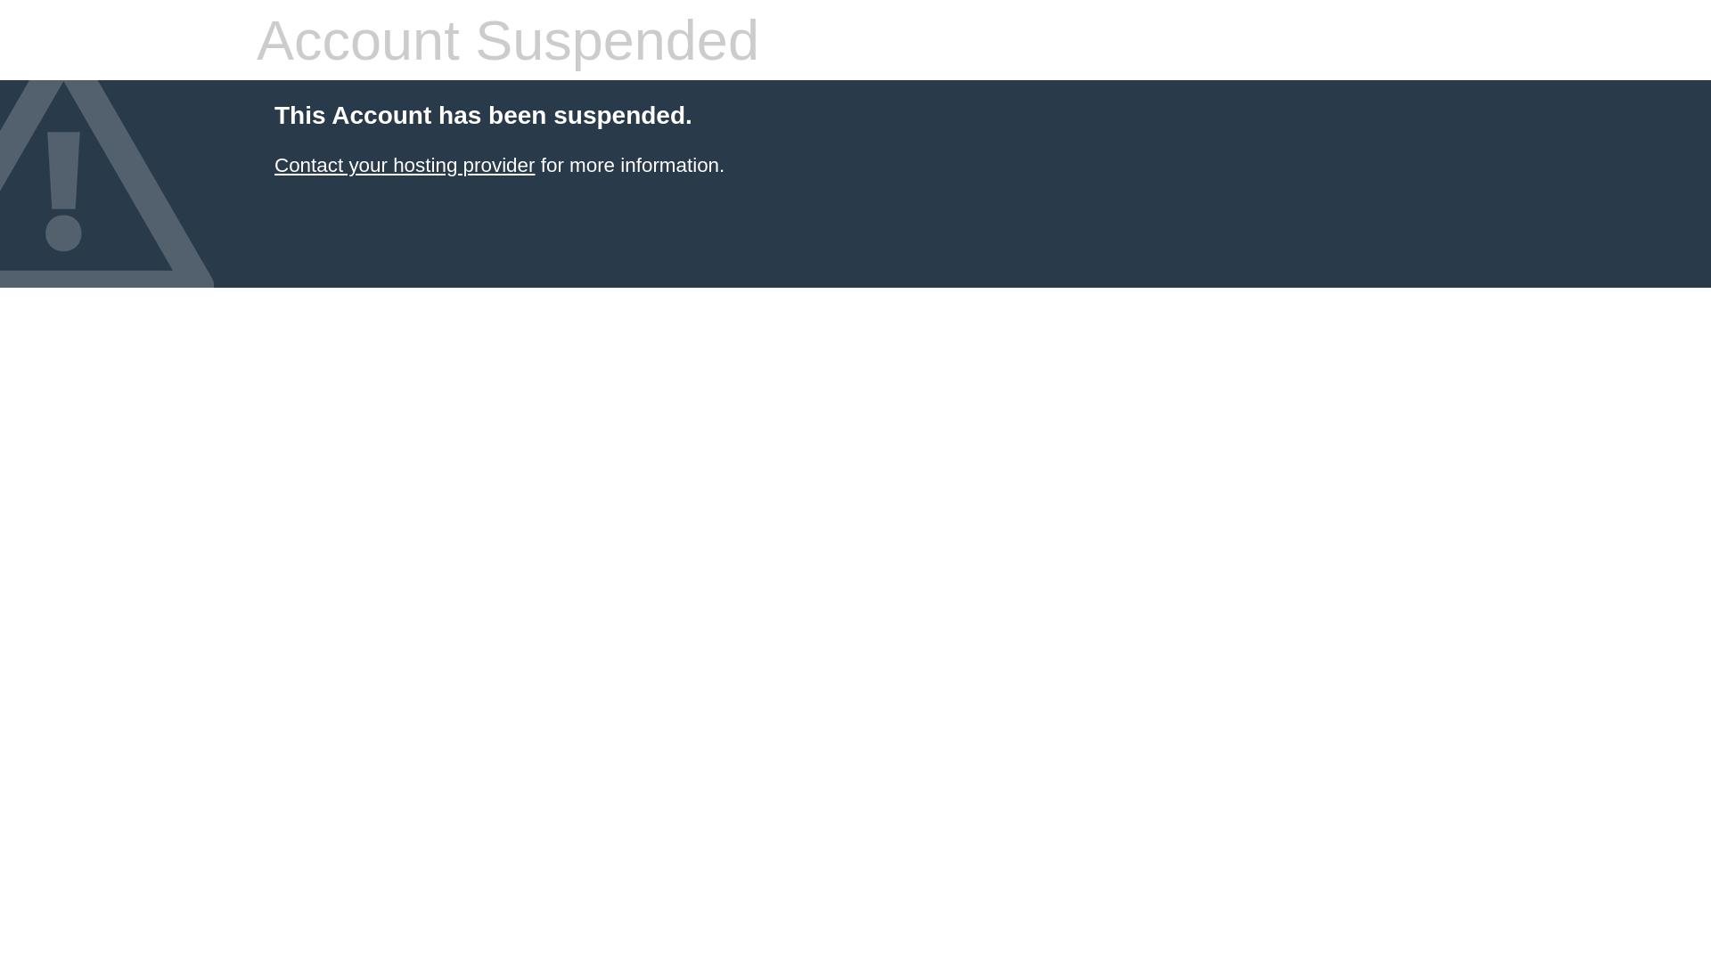 The image size is (1711, 962). Describe the element at coordinates (404, 165) in the screenshot. I see `'Contact your hosting provider'` at that location.